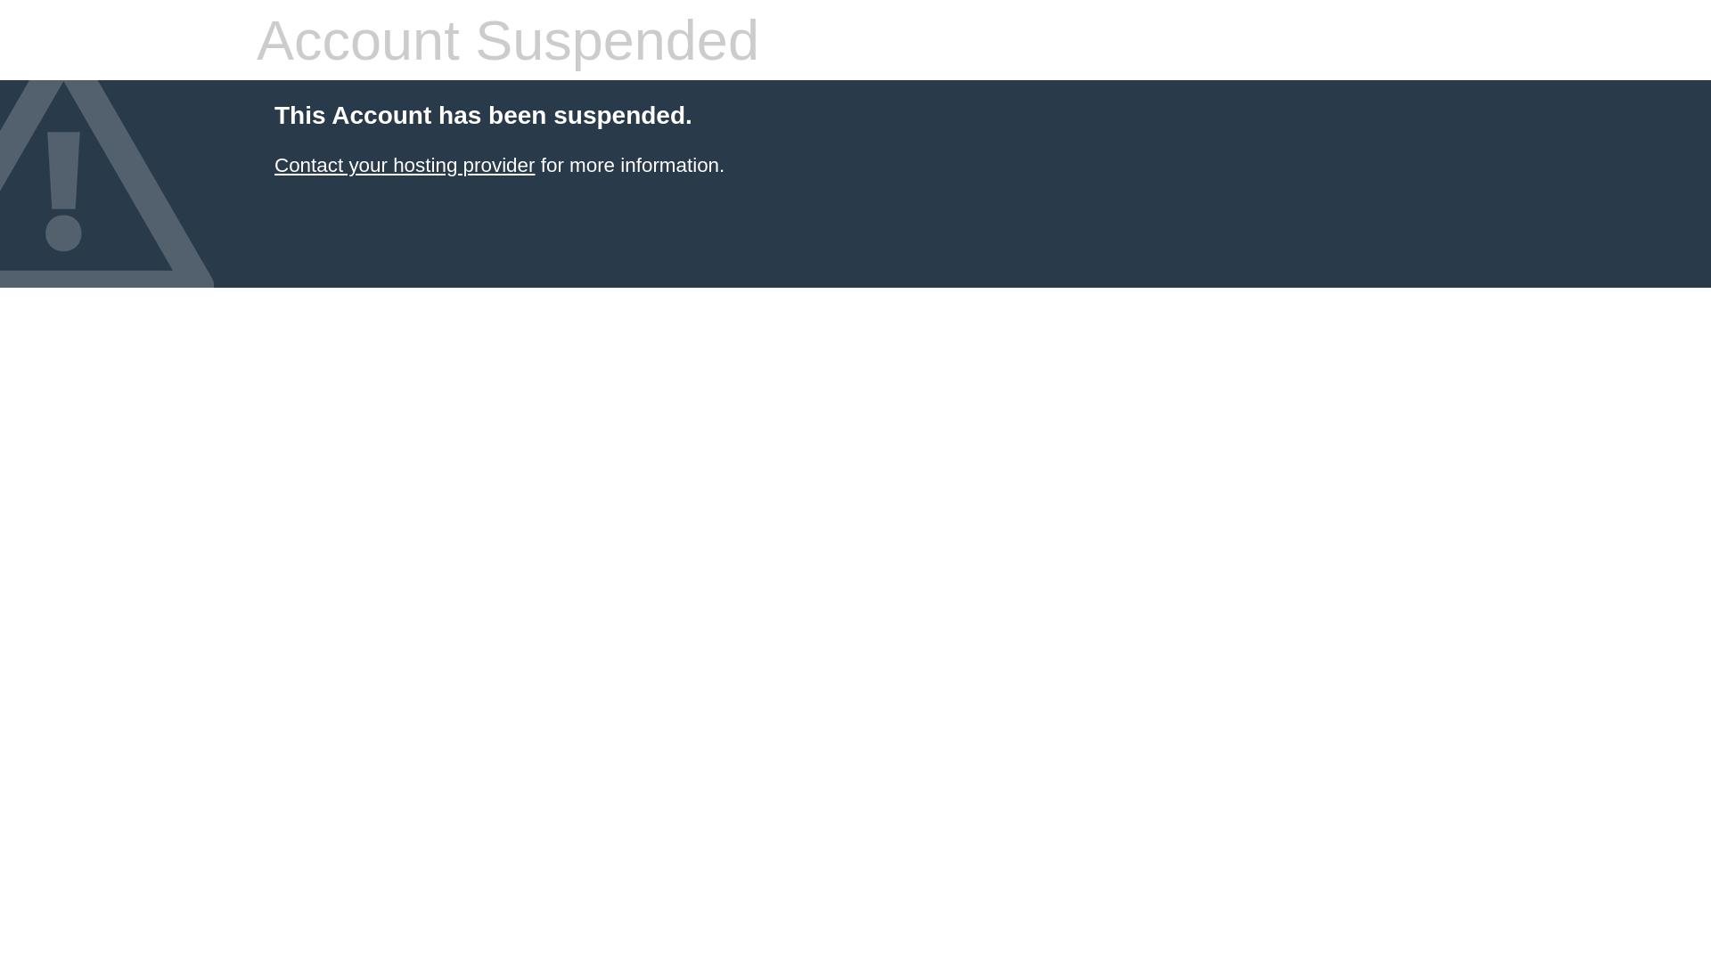 The image size is (1711, 962). Describe the element at coordinates (404, 165) in the screenshot. I see `'Contact your hosting provider'` at that location.